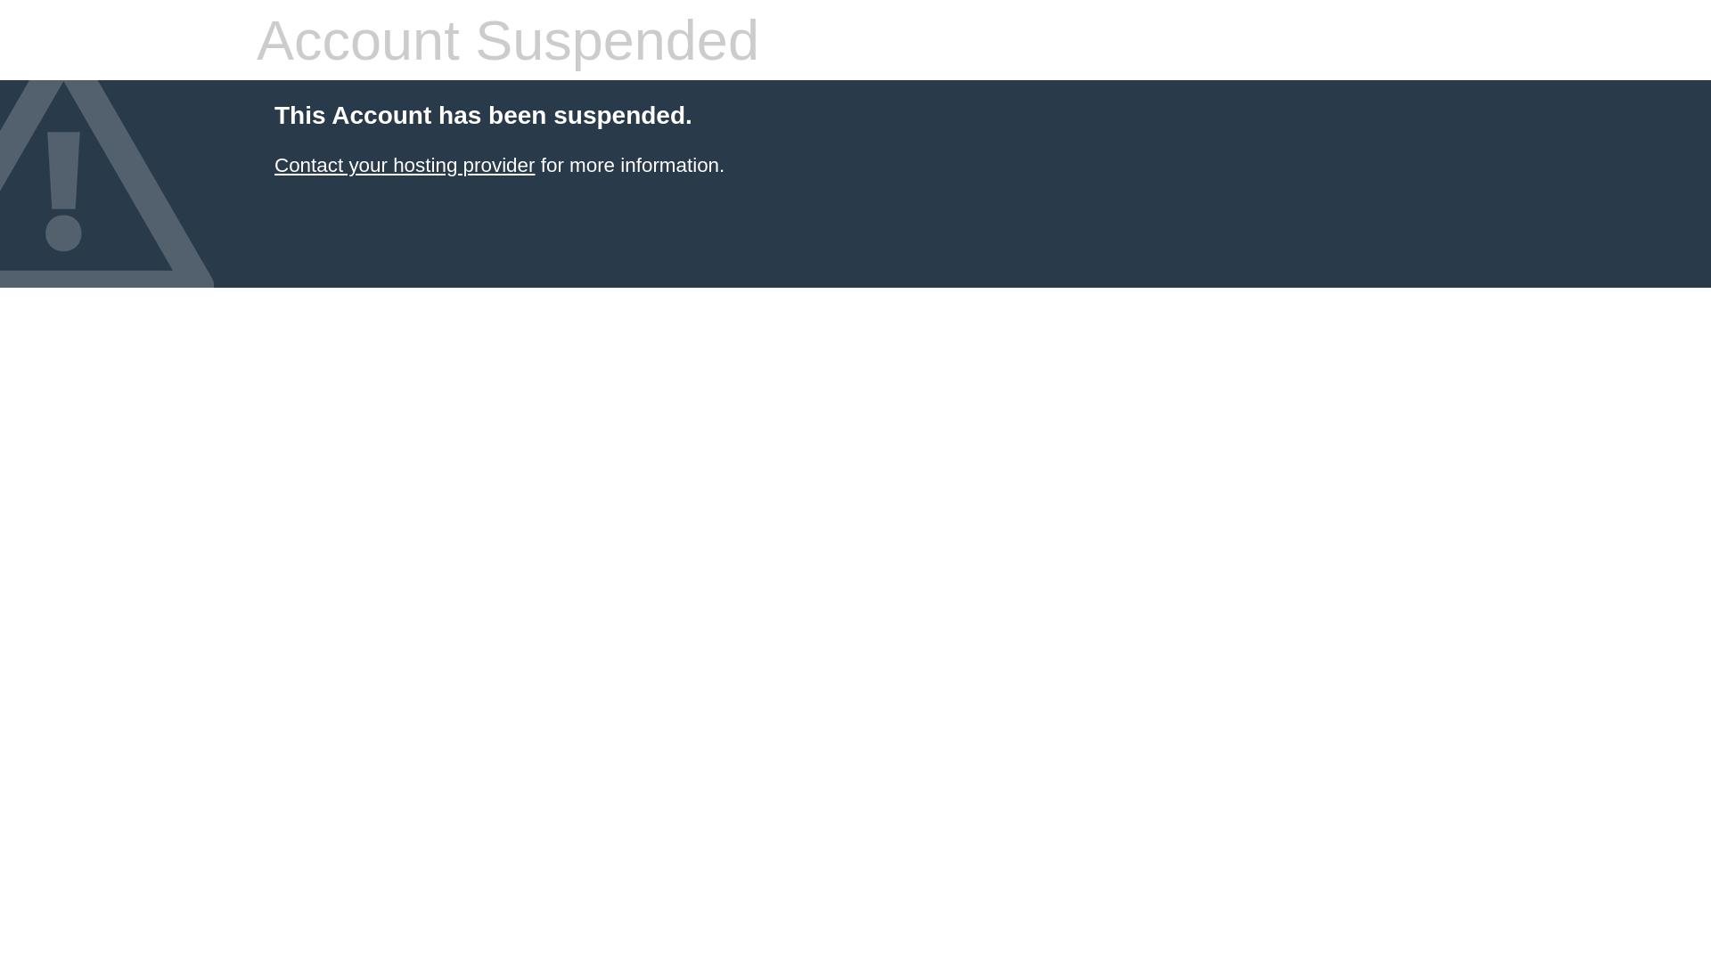 The image size is (1711, 962). Describe the element at coordinates (404, 165) in the screenshot. I see `'Contact your hosting provider'` at that location.